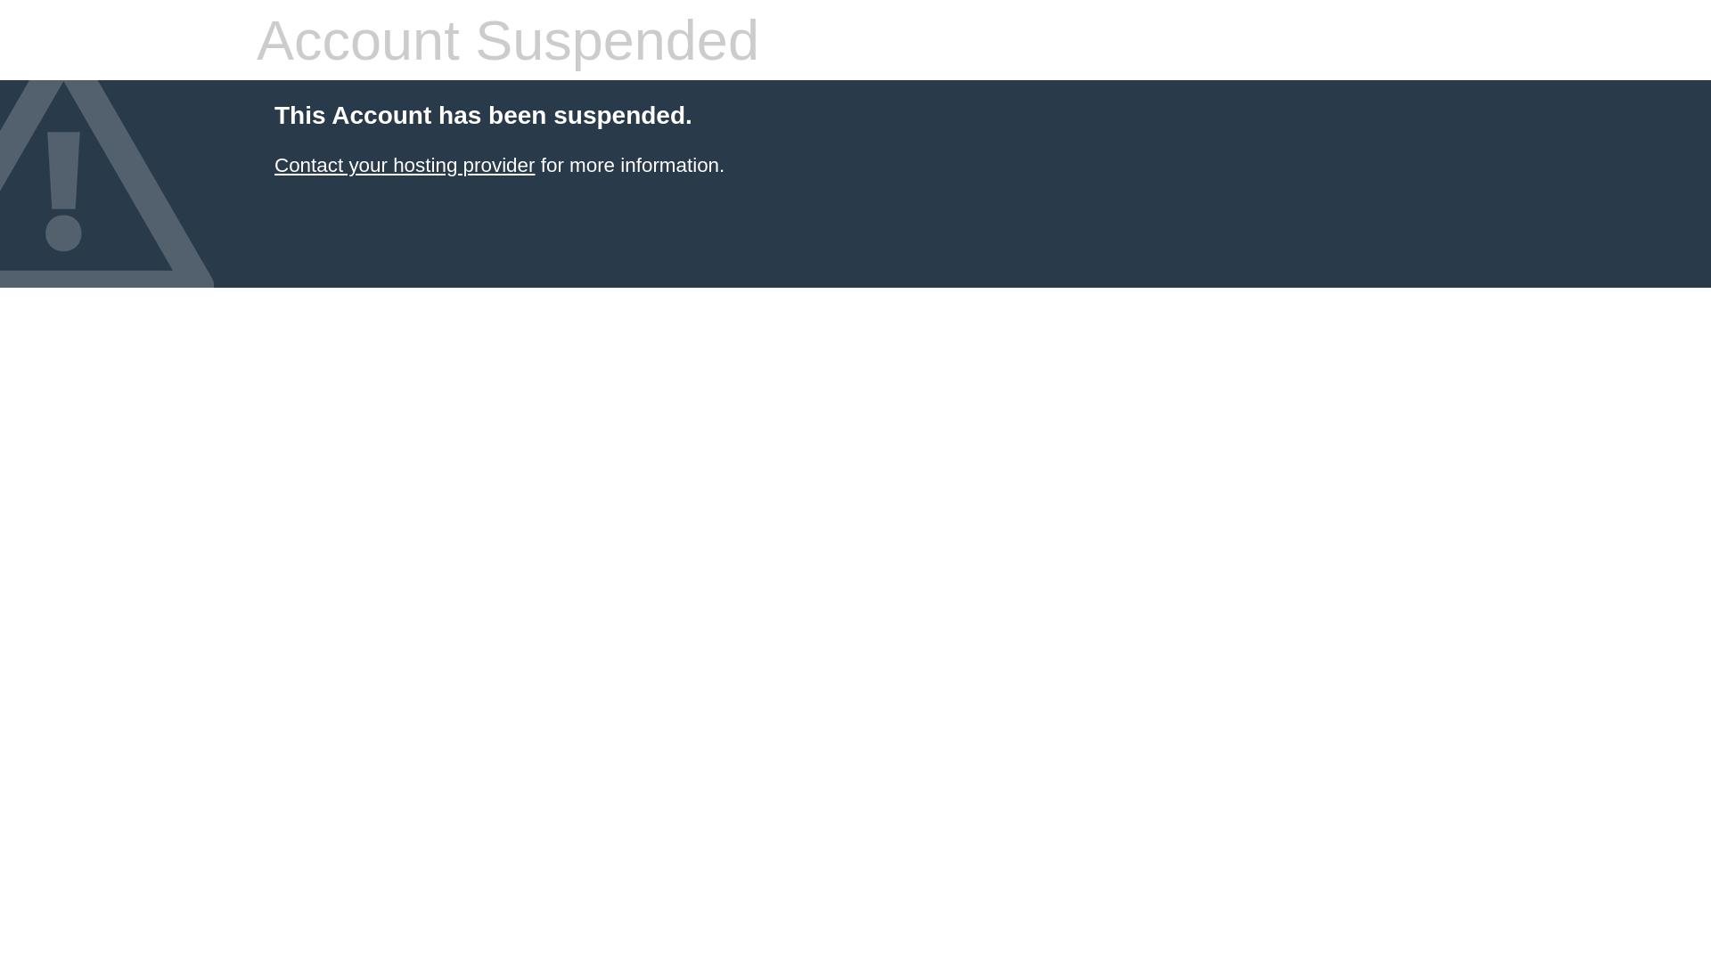 The image size is (1711, 962). Describe the element at coordinates (404, 165) in the screenshot. I see `'Contact your hosting provider'` at that location.